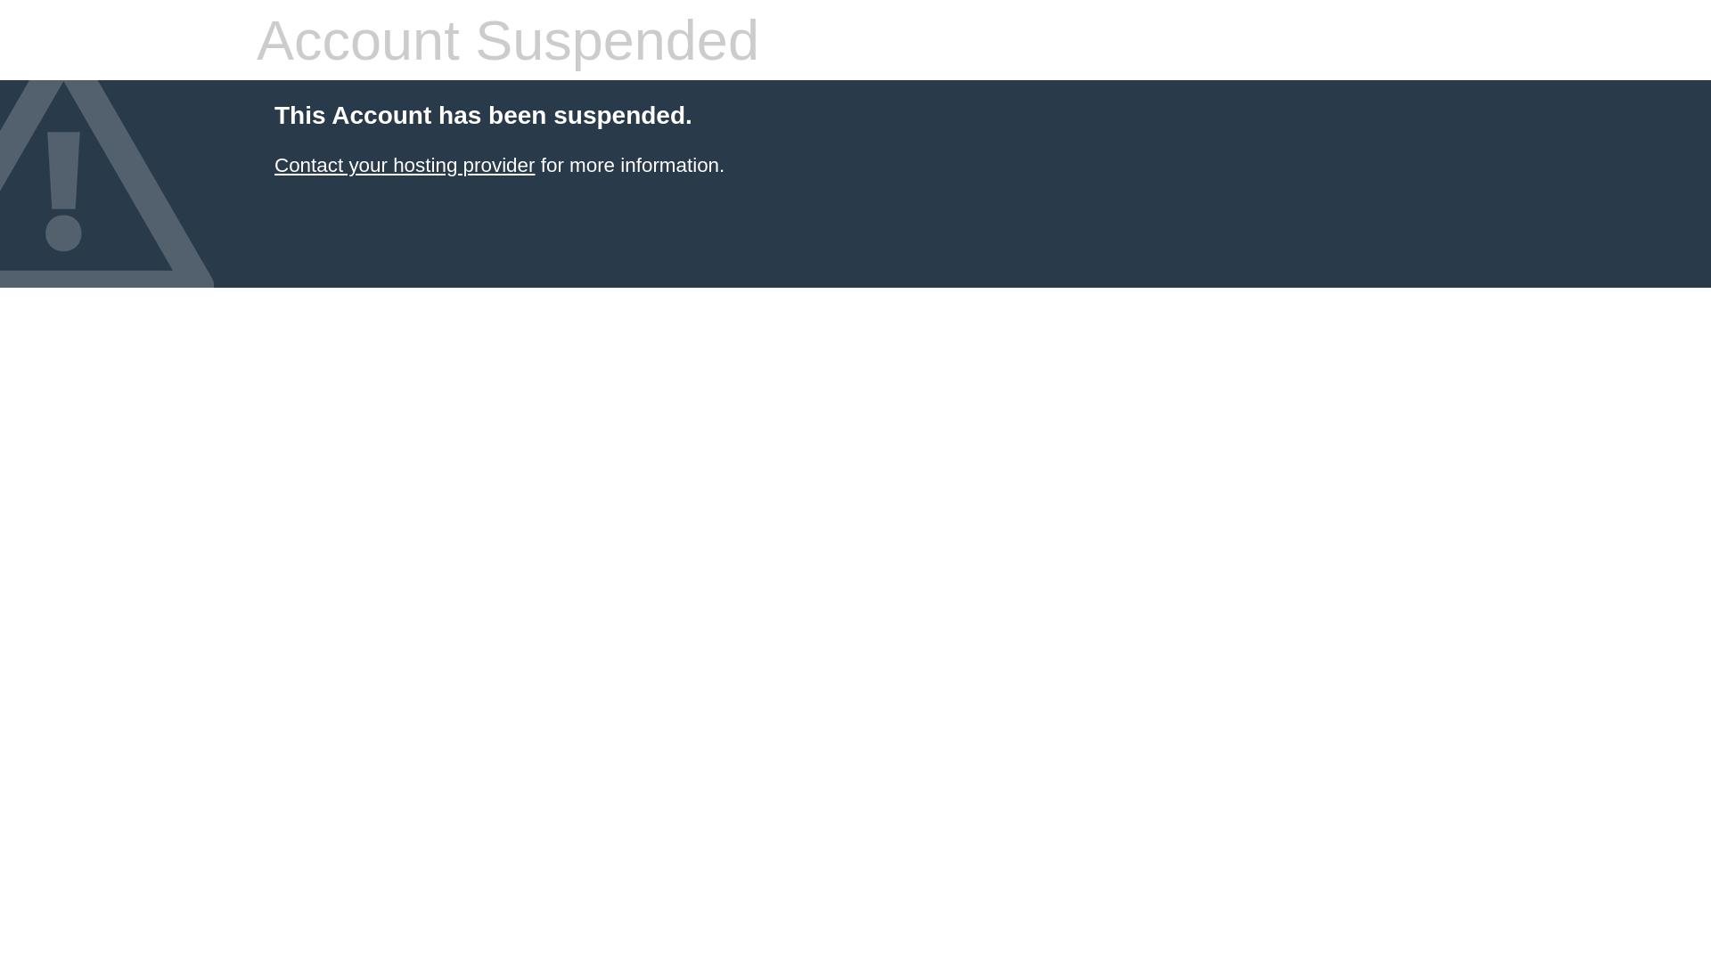 The image size is (1711, 962). Describe the element at coordinates (404, 165) in the screenshot. I see `'Contact your hosting provider'` at that location.